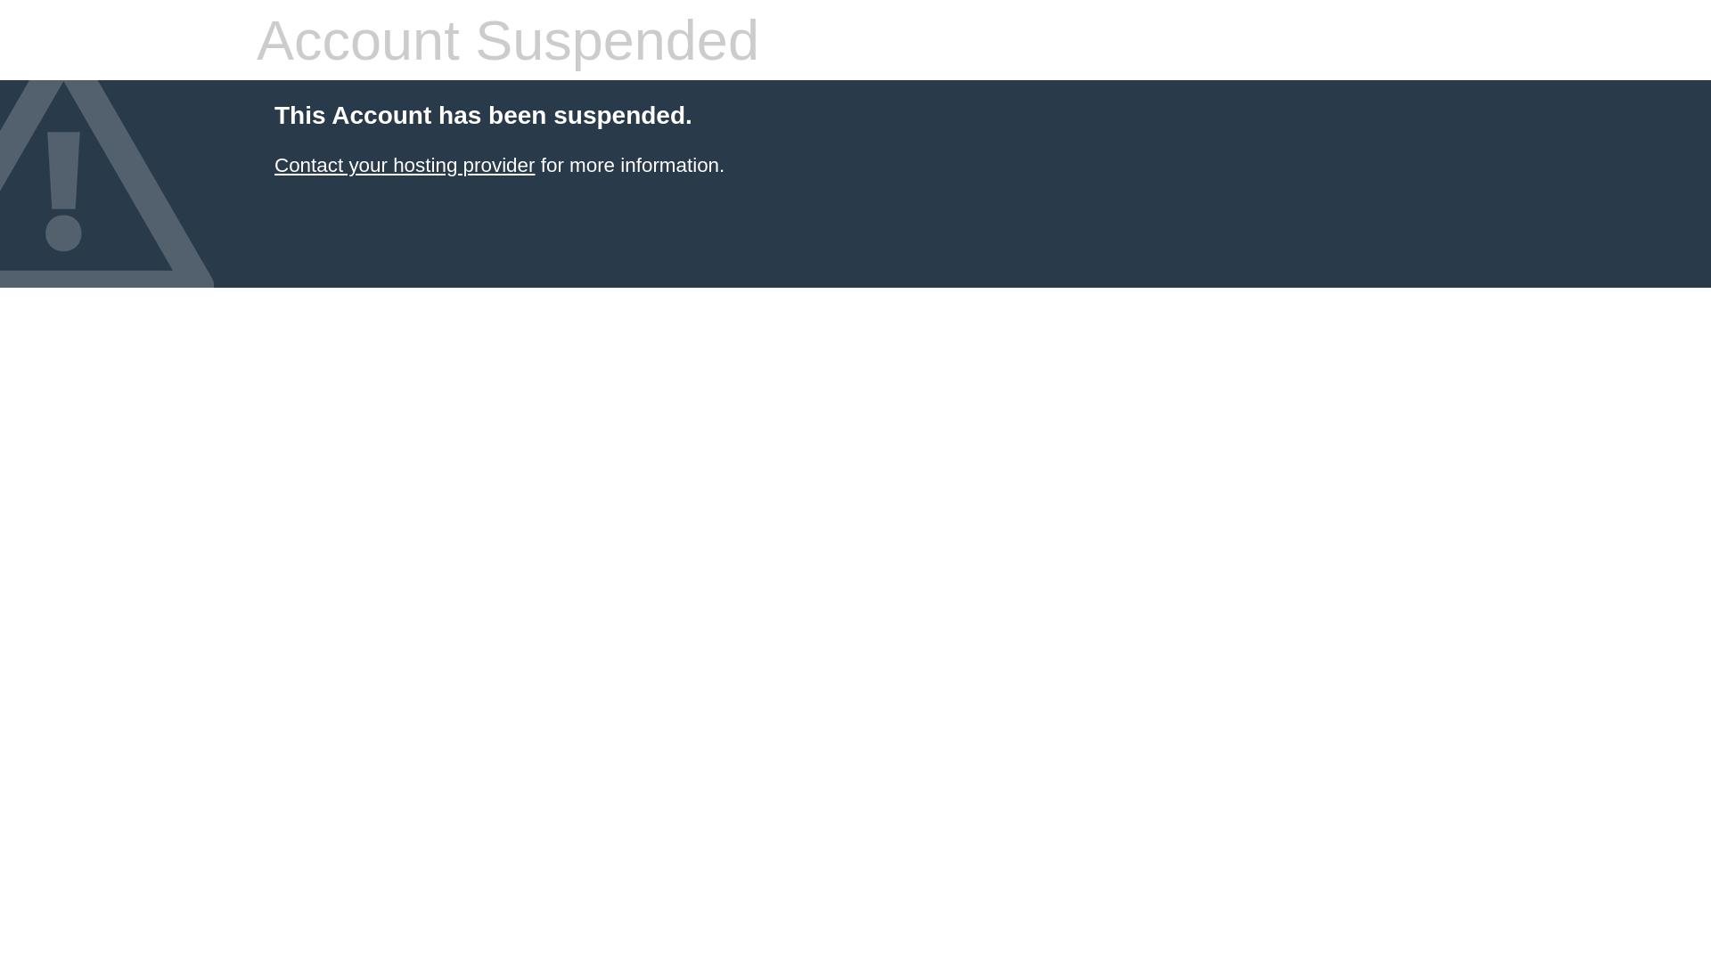 The image size is (1711, 962). Describe the element at coordinates (404, 165) in the screenshot. I see `'Contact your hosting provider'` at that location.